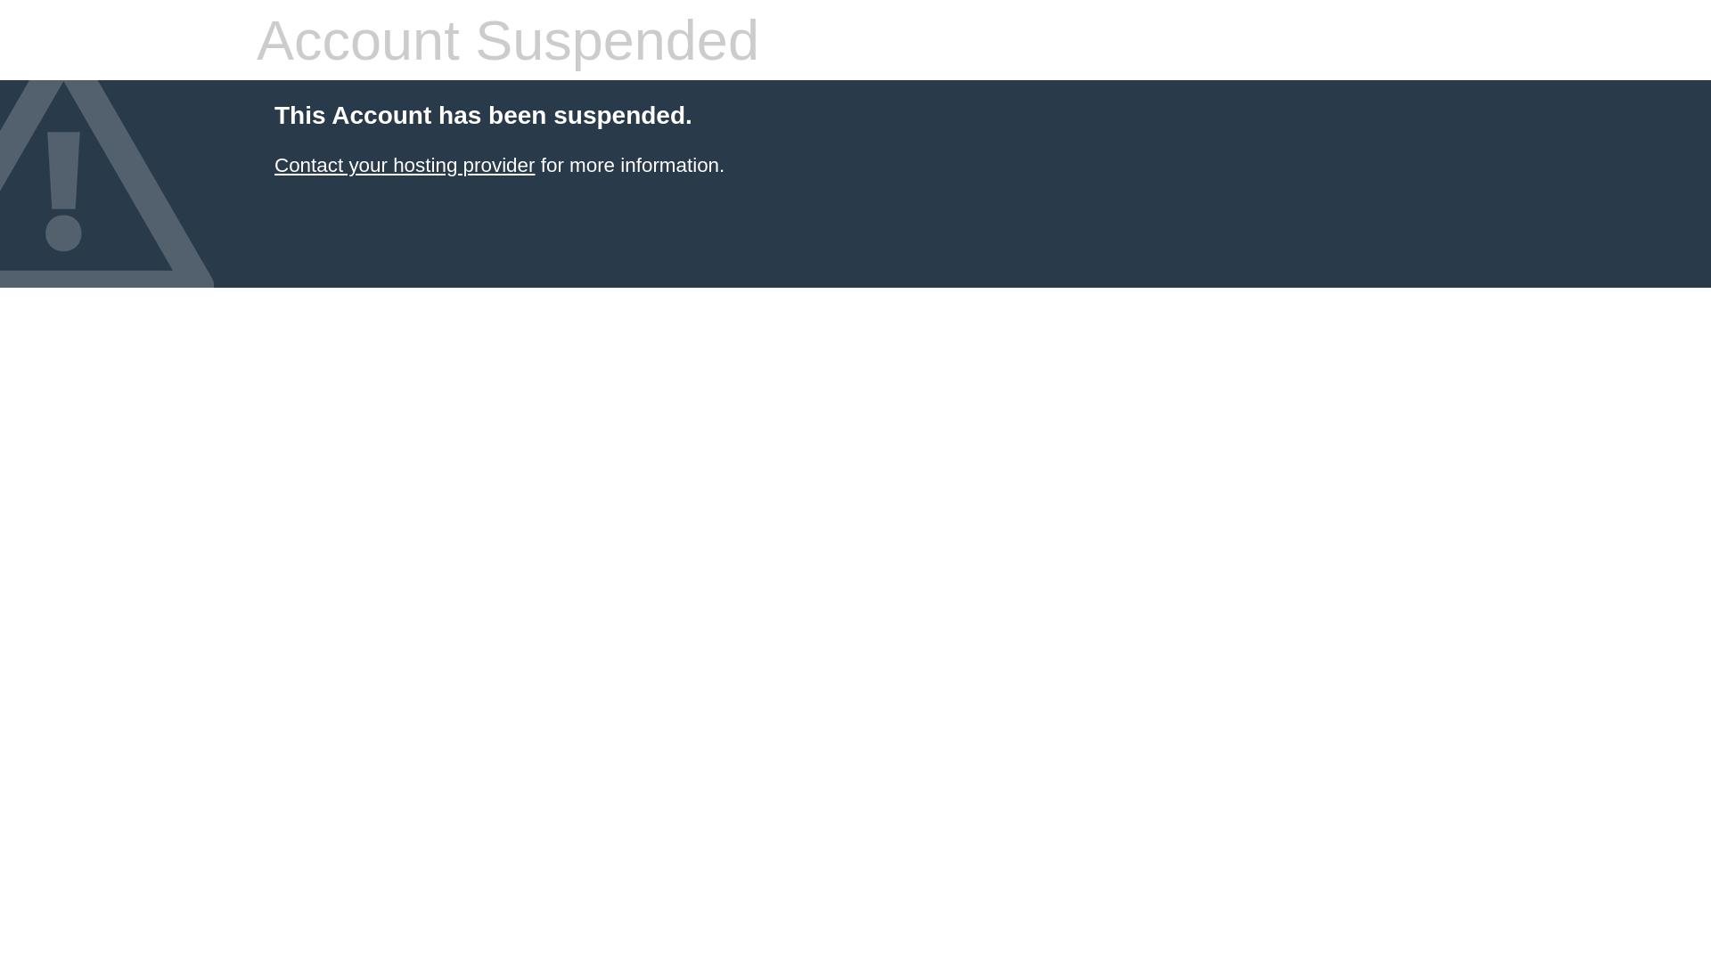 The image size is (1711, 962). Describe the element at coordinates (404, 165) in the screenshot. I see `'Contact your hosting provider'` at that location.